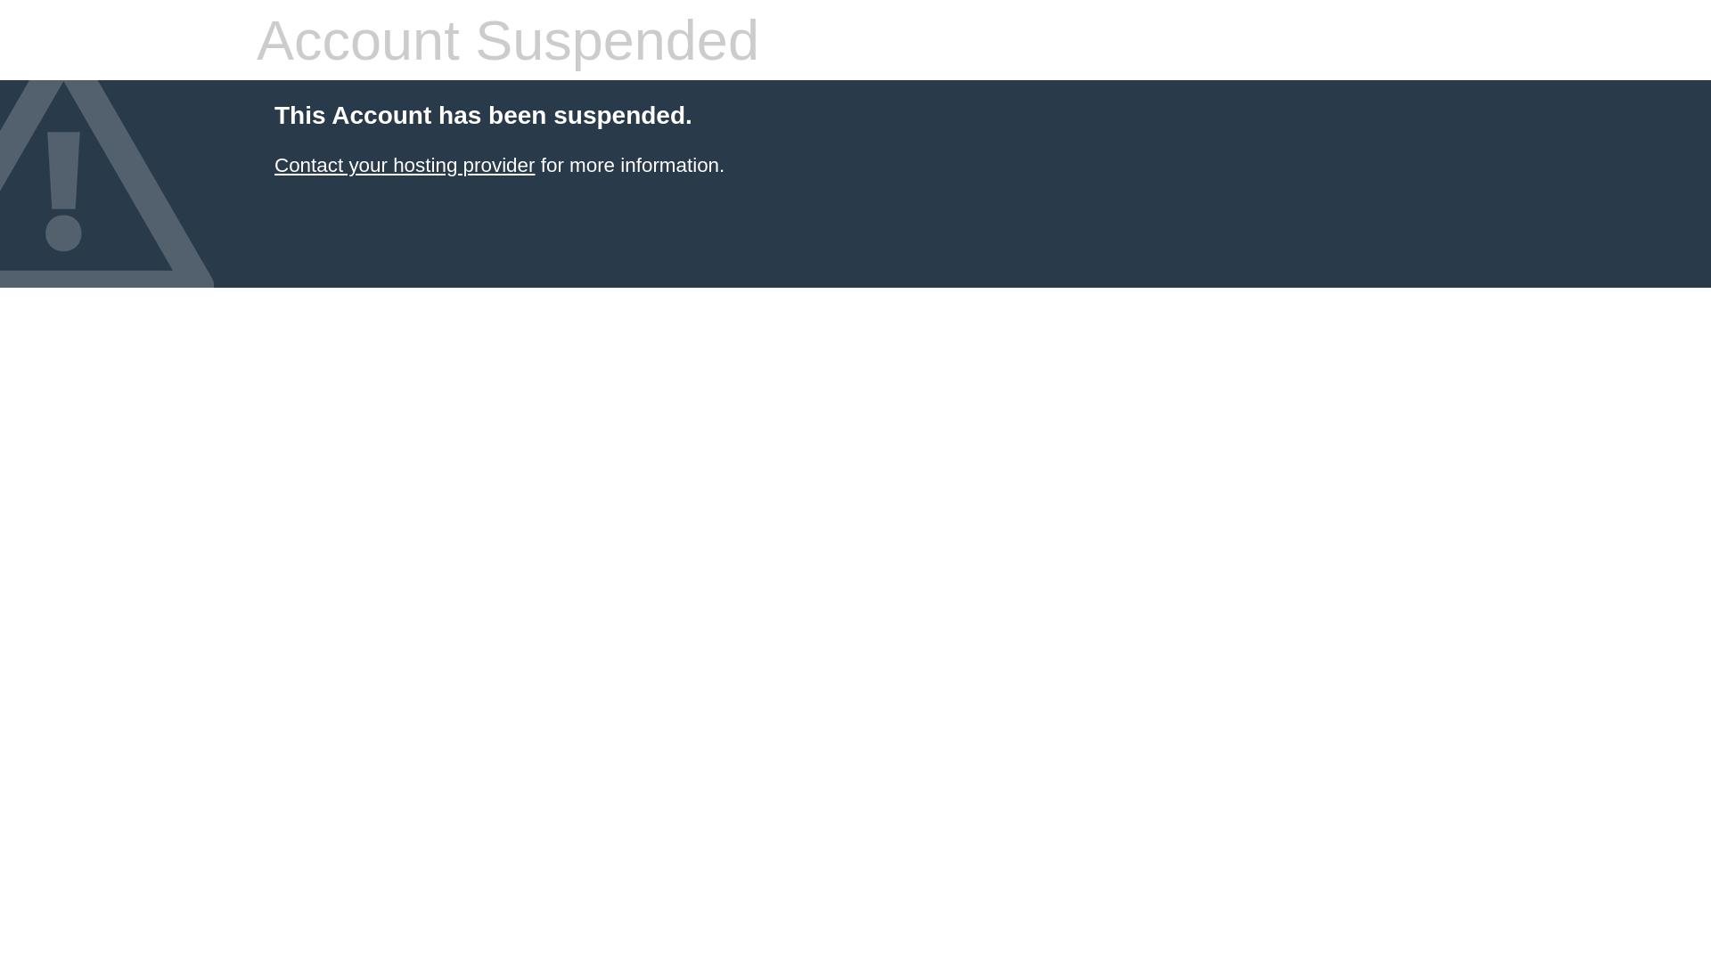 The image size is (1711, 962). Describe the element at coordinates (404, 165) in the screenshot. I see `'Contact your hosting provider'` at that location.